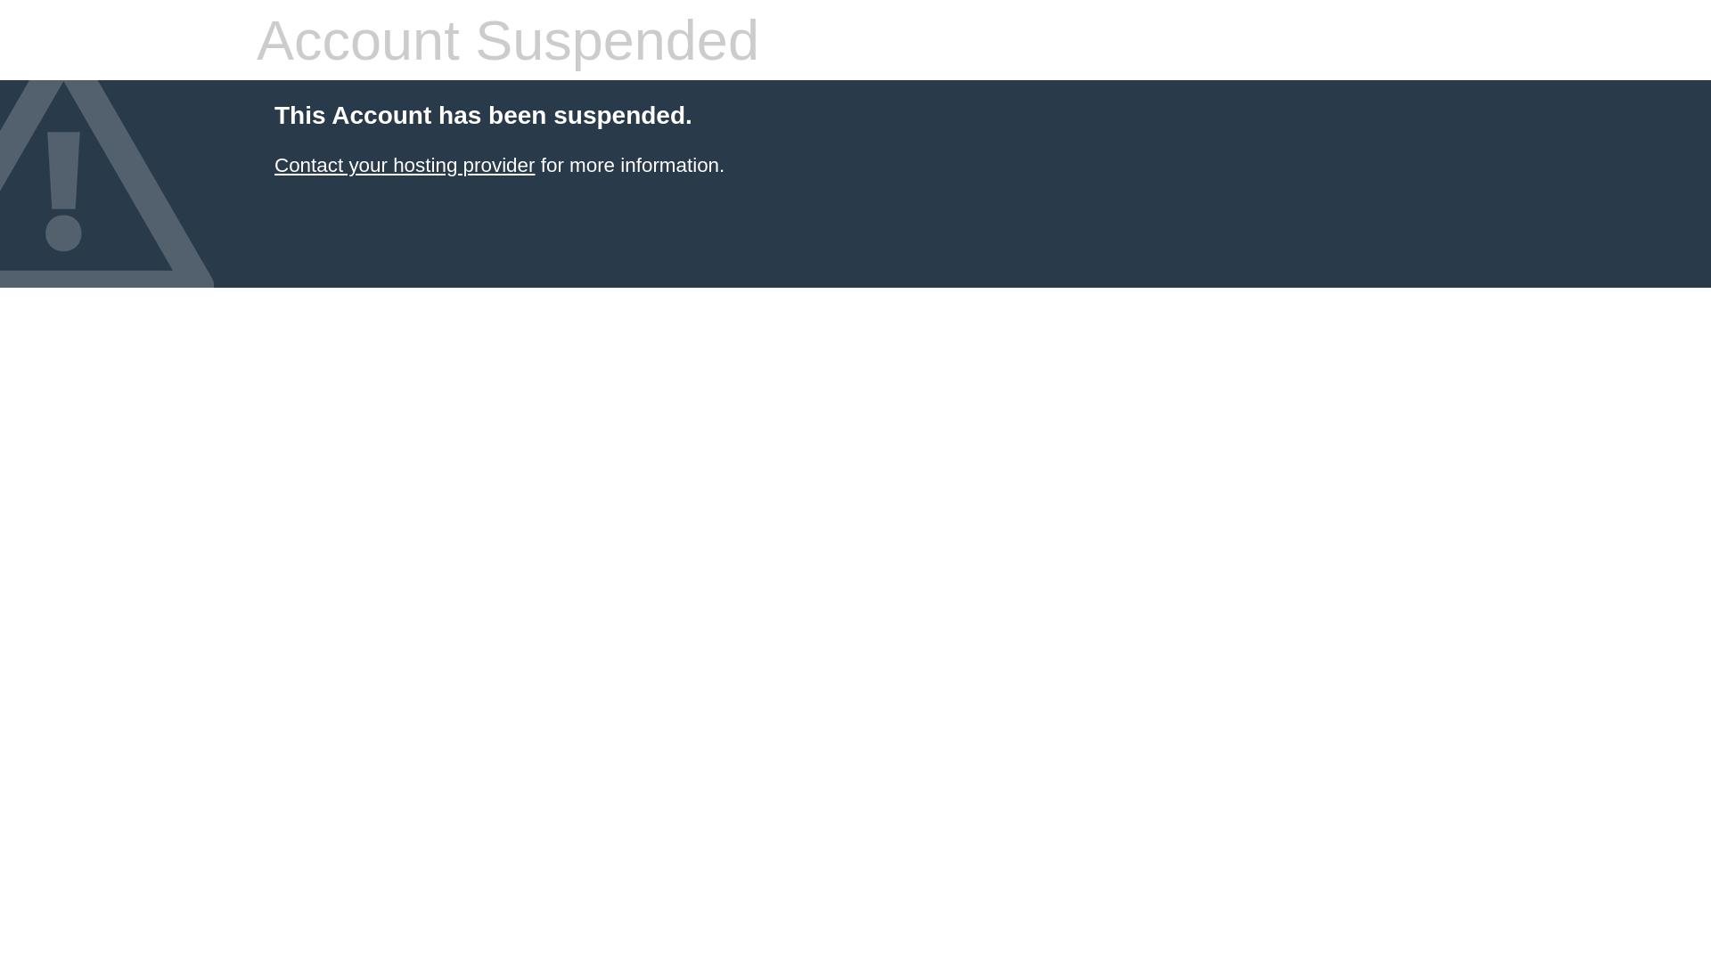 The image size is (1711, 962). Describe the element at coordinates (404, 165) in the screenshot. I see `'Contact your hosting provider'` at that location.